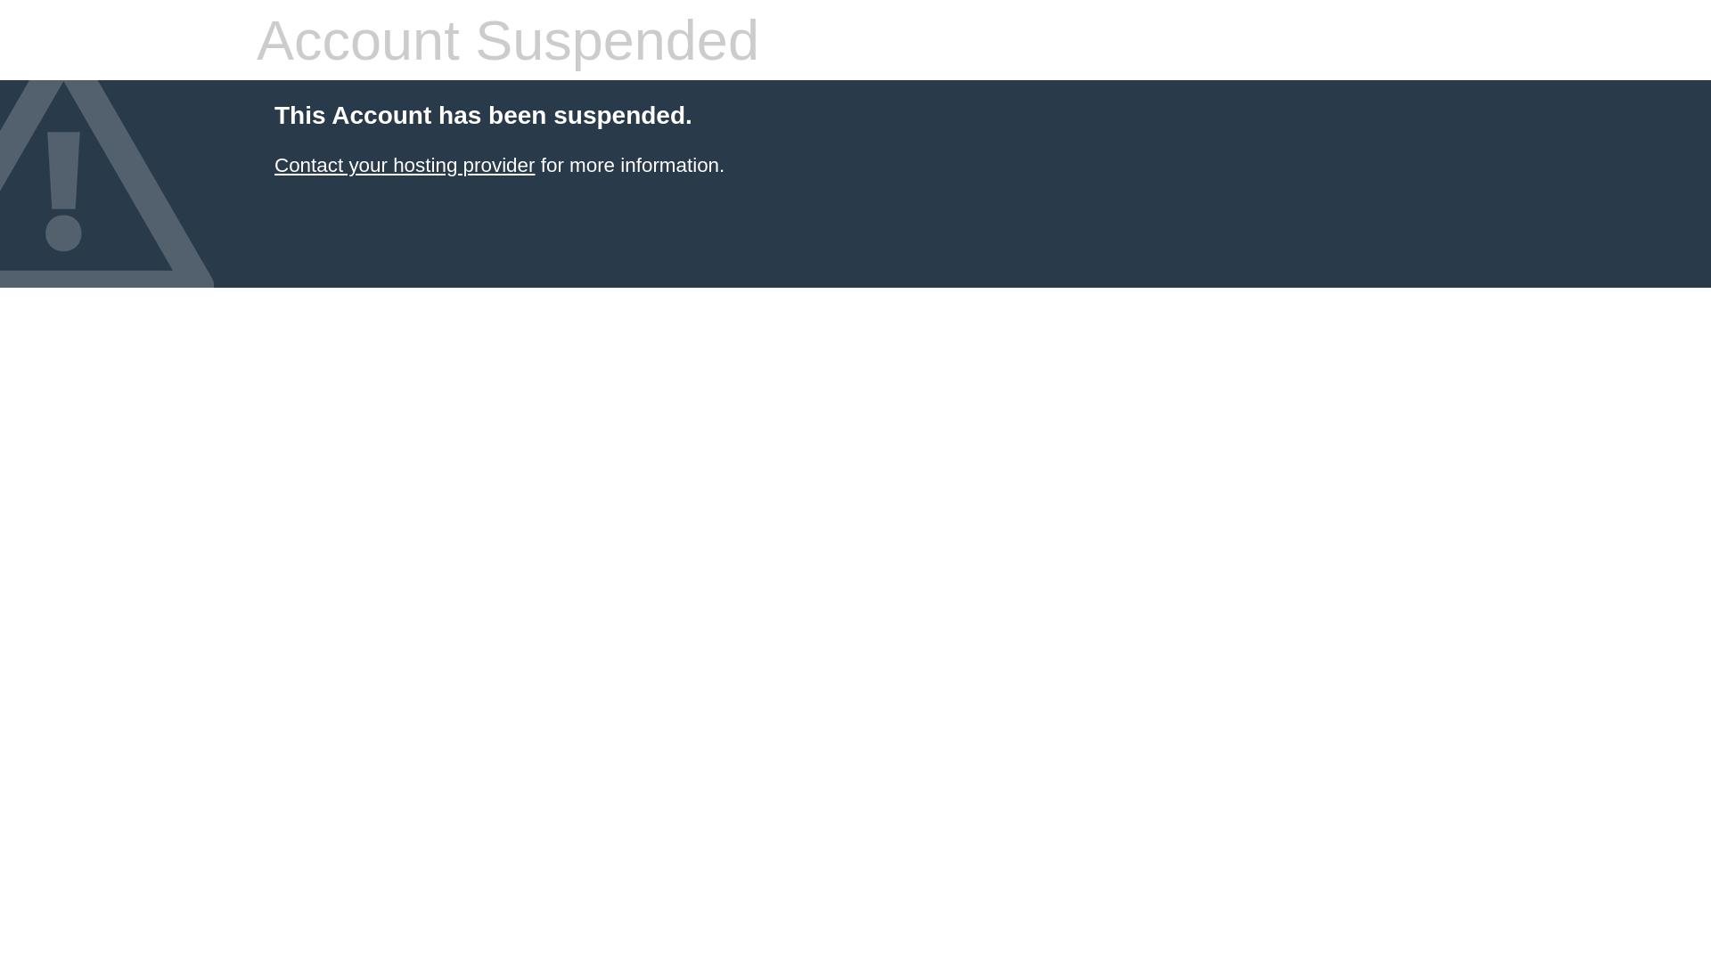 The image size is (1711, 962). Describe the element at coordinates (404, 165) in the screenshot. I see `'Contact your hosting provider'` at that location.